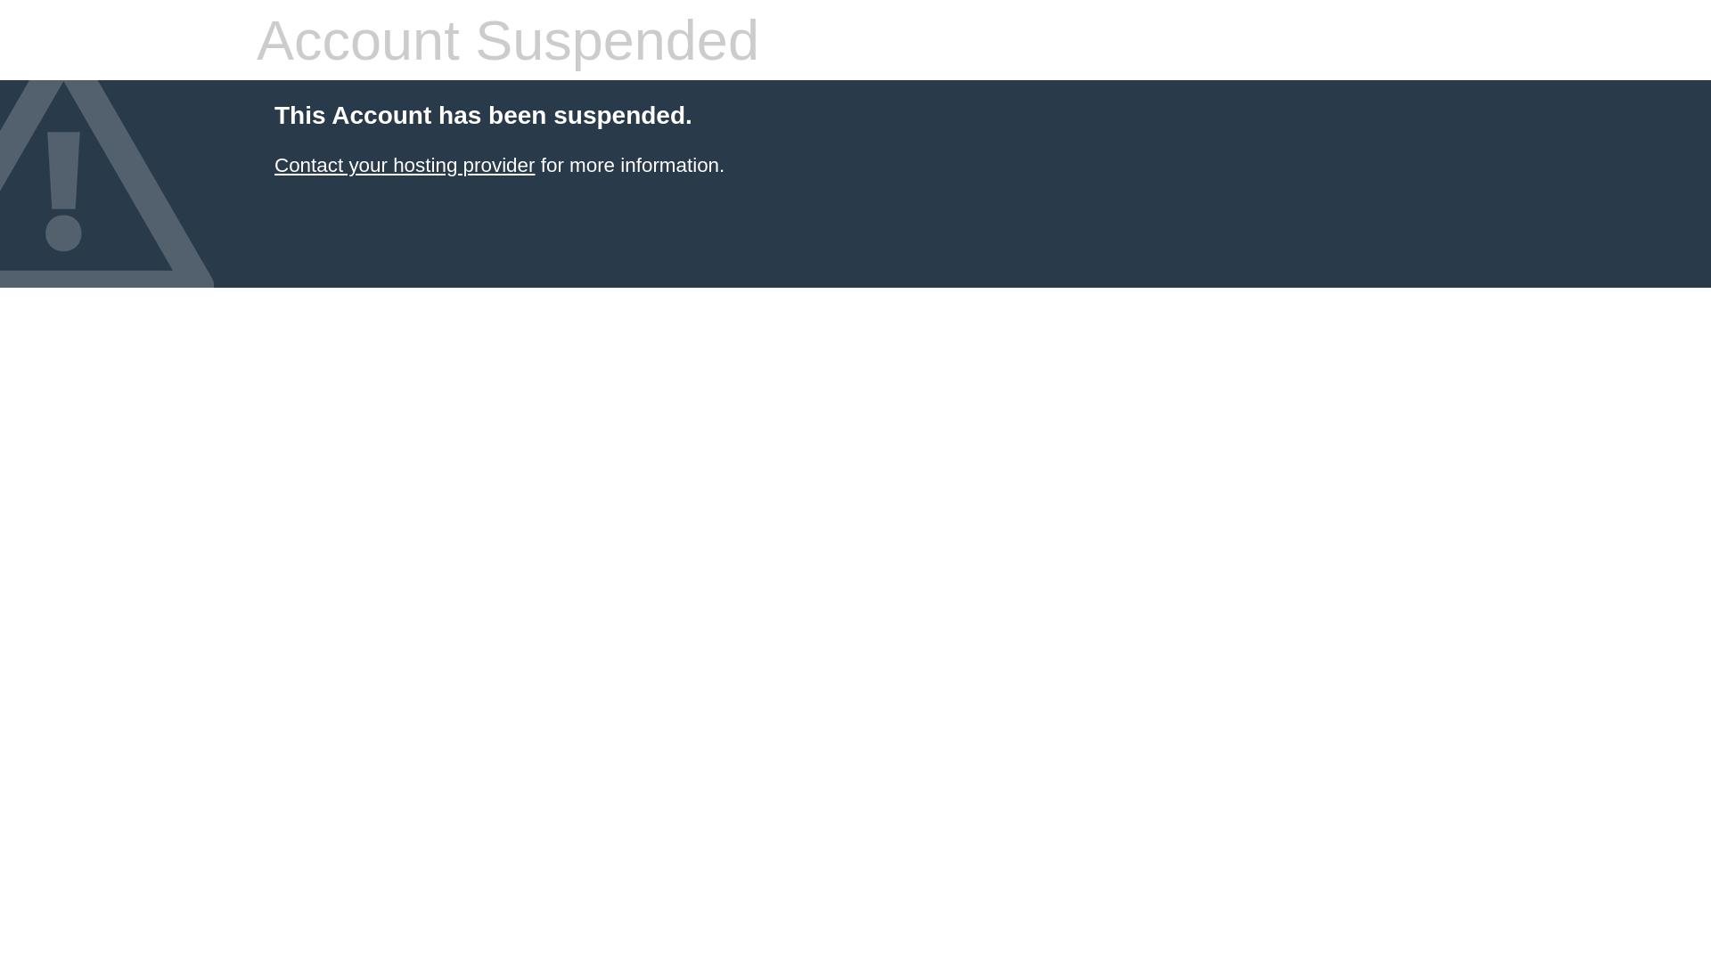 The image size is (1711, 962). Describe the element at coordinates (404, 165) in the screenshot. I see `'Contact your hosting provider'` at that location.